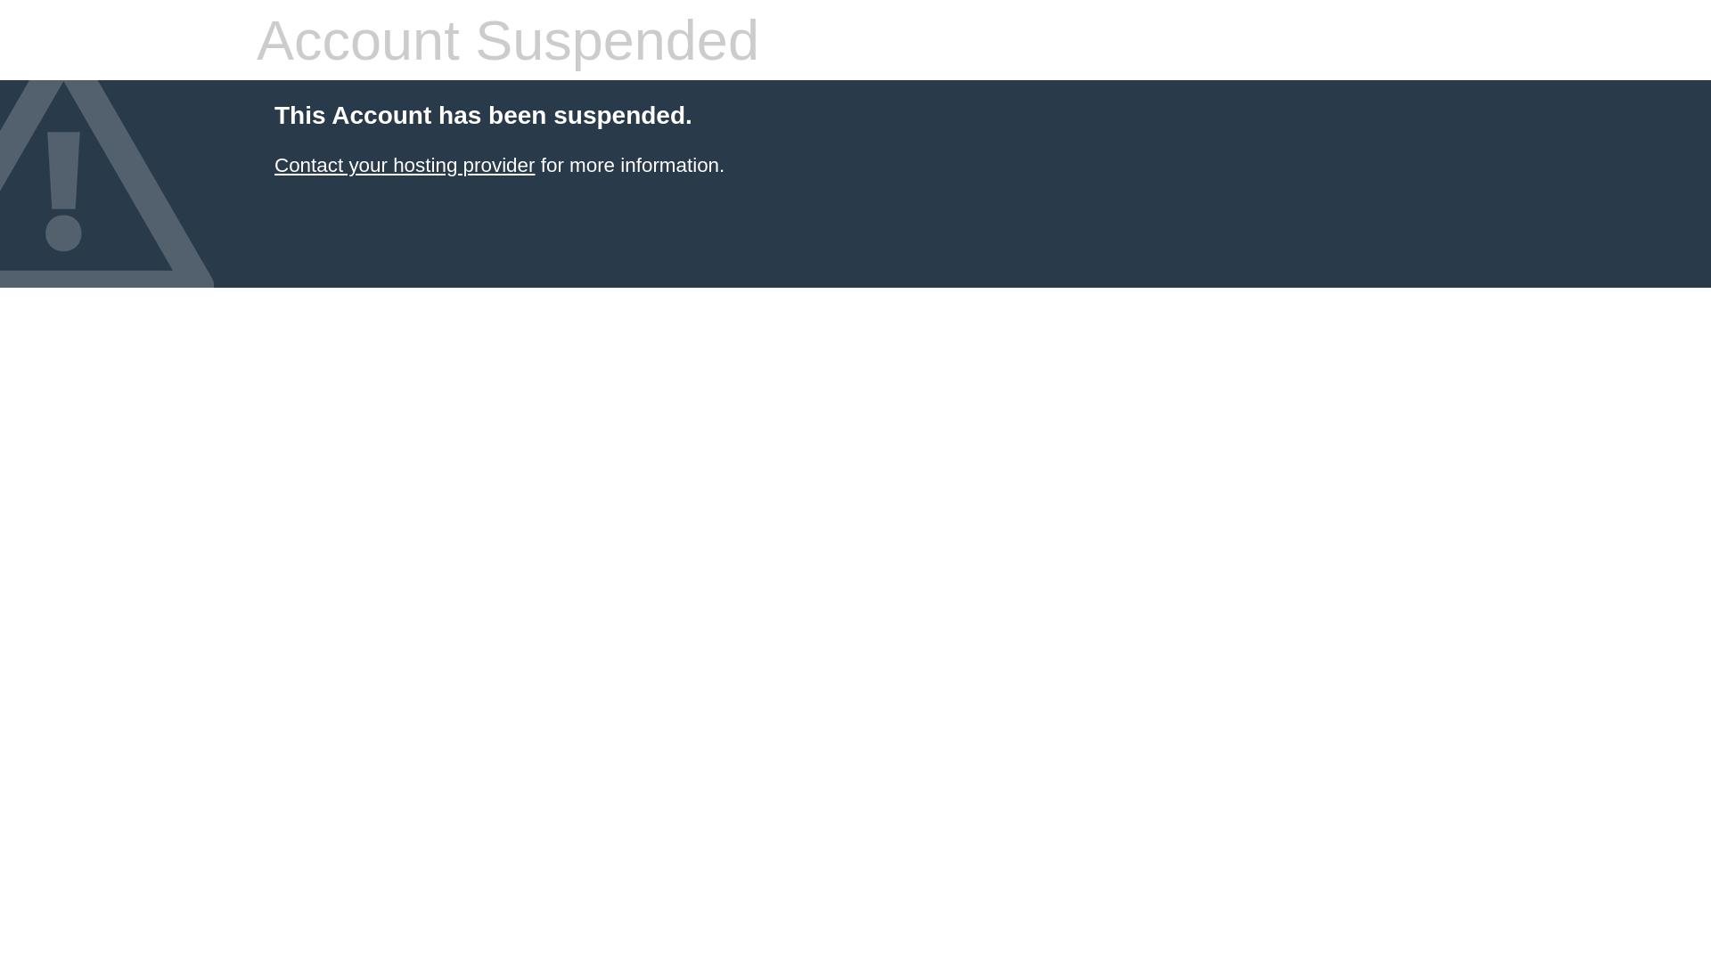 The image size is (1711, 962). Describe the element at coordinates (404, 165) in the screenshot. I see `'Contact your hosting provider'` at that location.